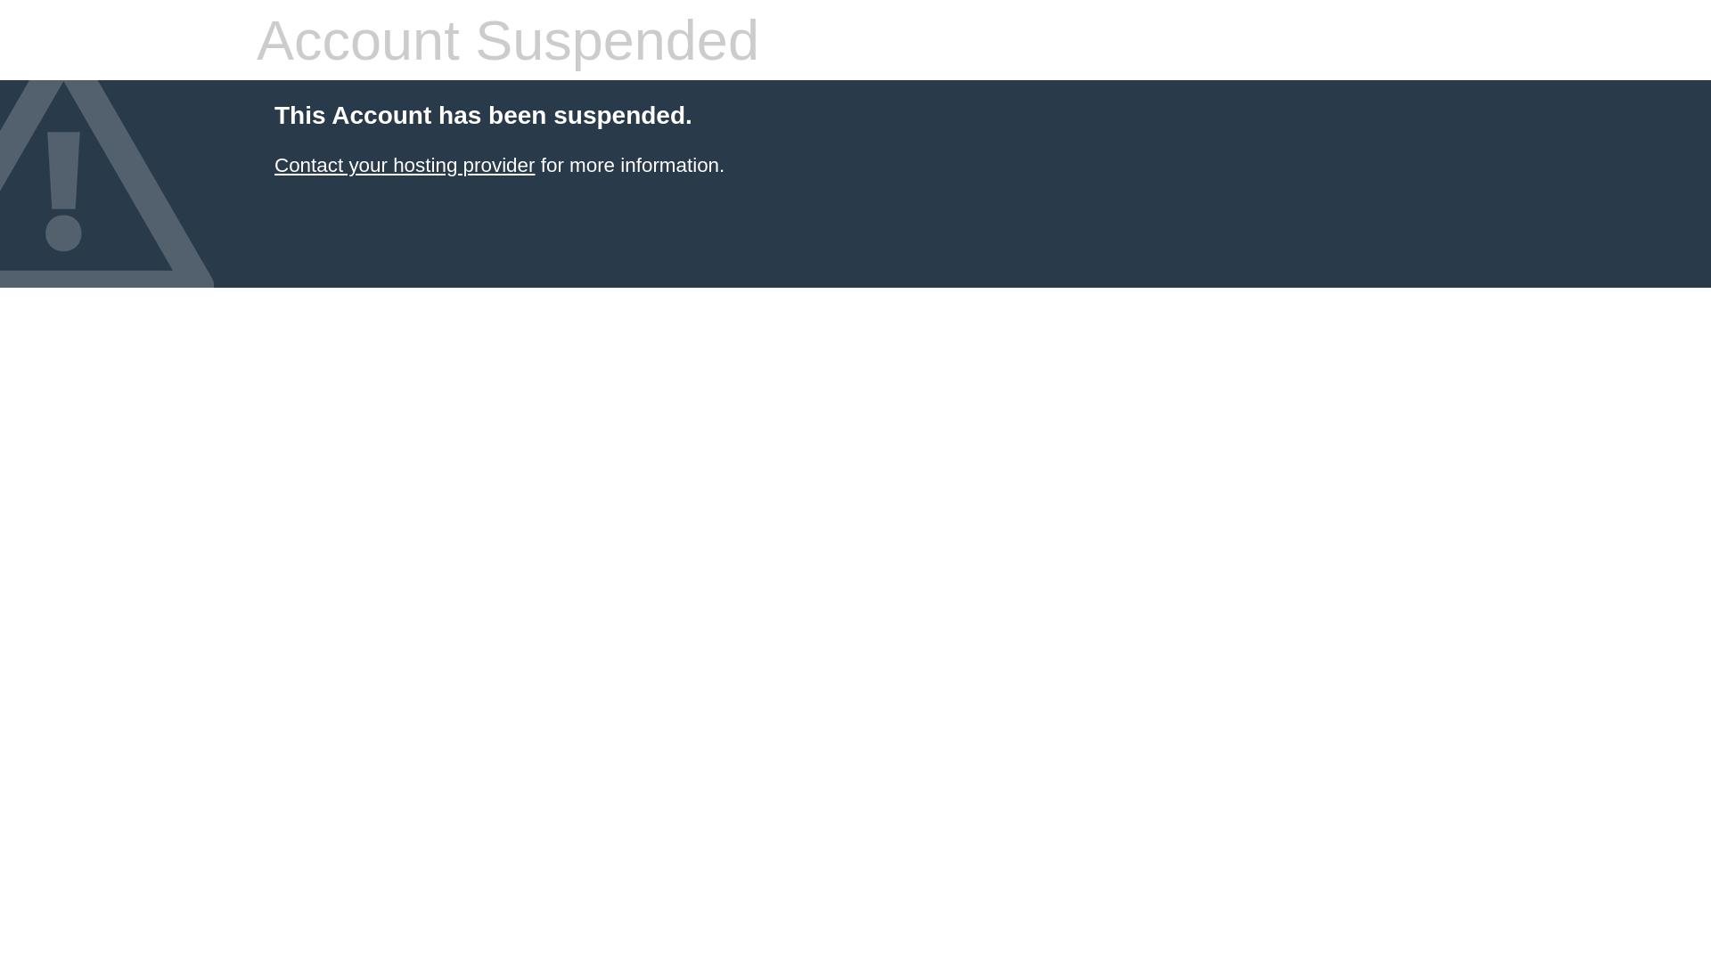 The image size is (1711, 962). Describe the element at coordinates (404, 165) in the screenshot. I see `'Contact your hosting provider'` at that location.